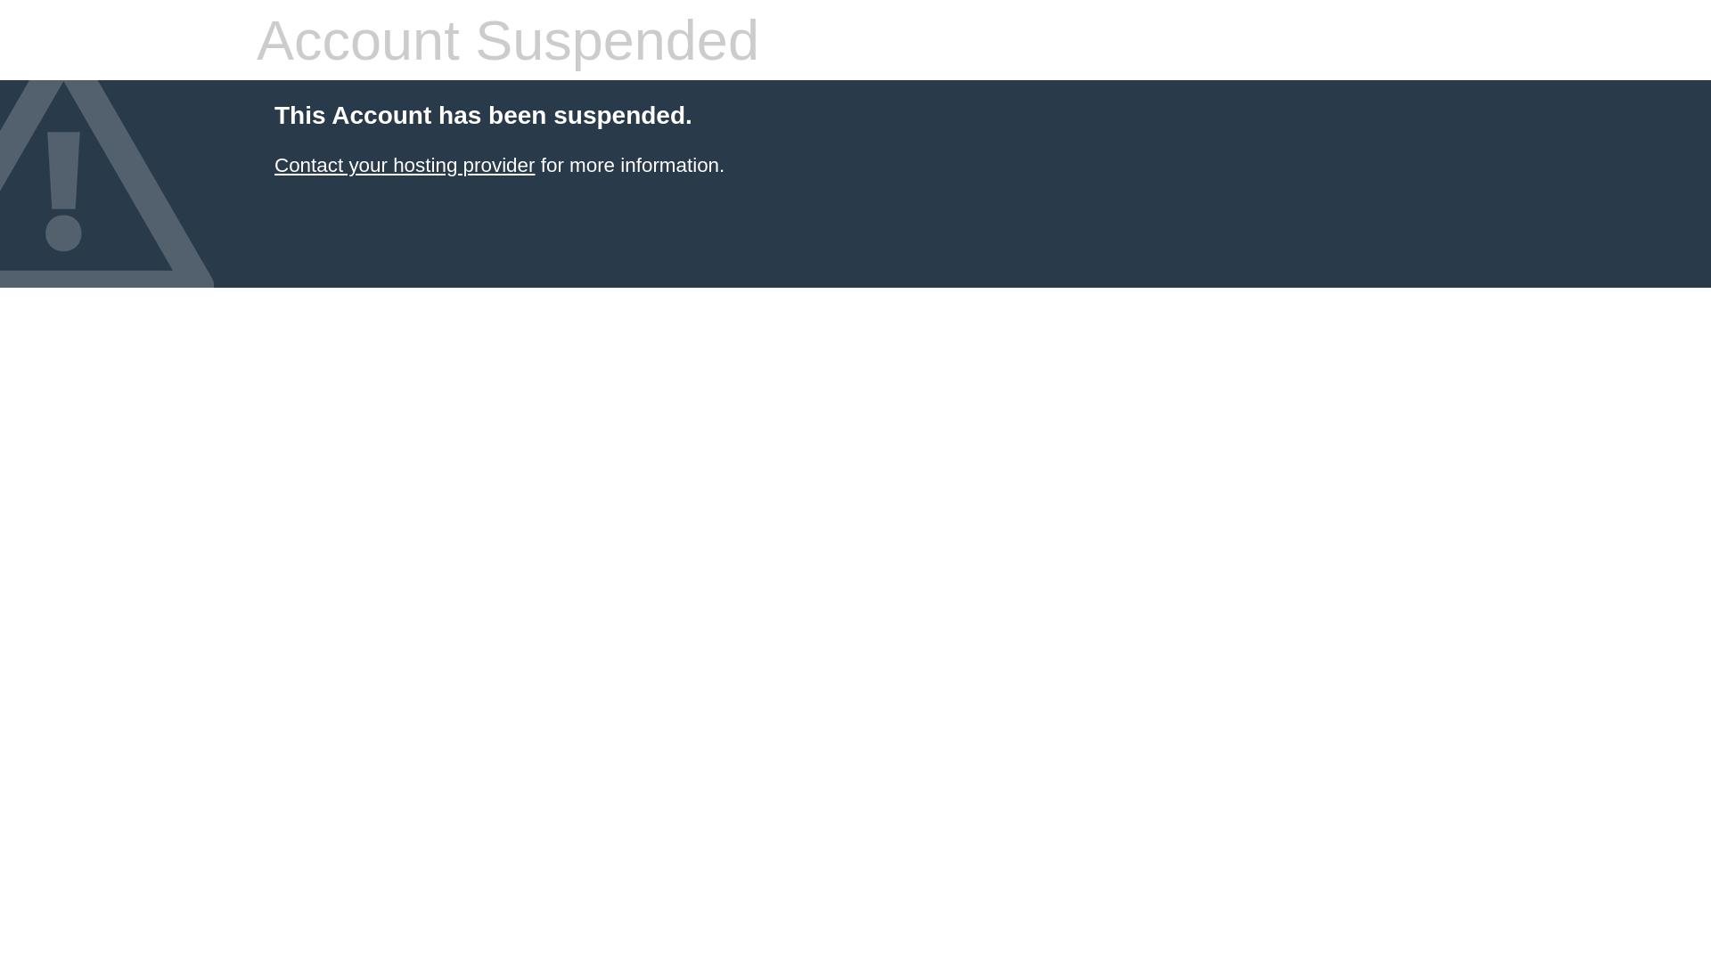 The image size is (1711, 962). Describe the element at coordinates (404, 165) in the screenshot. I see `'Contact your hosting provider'` at that location.